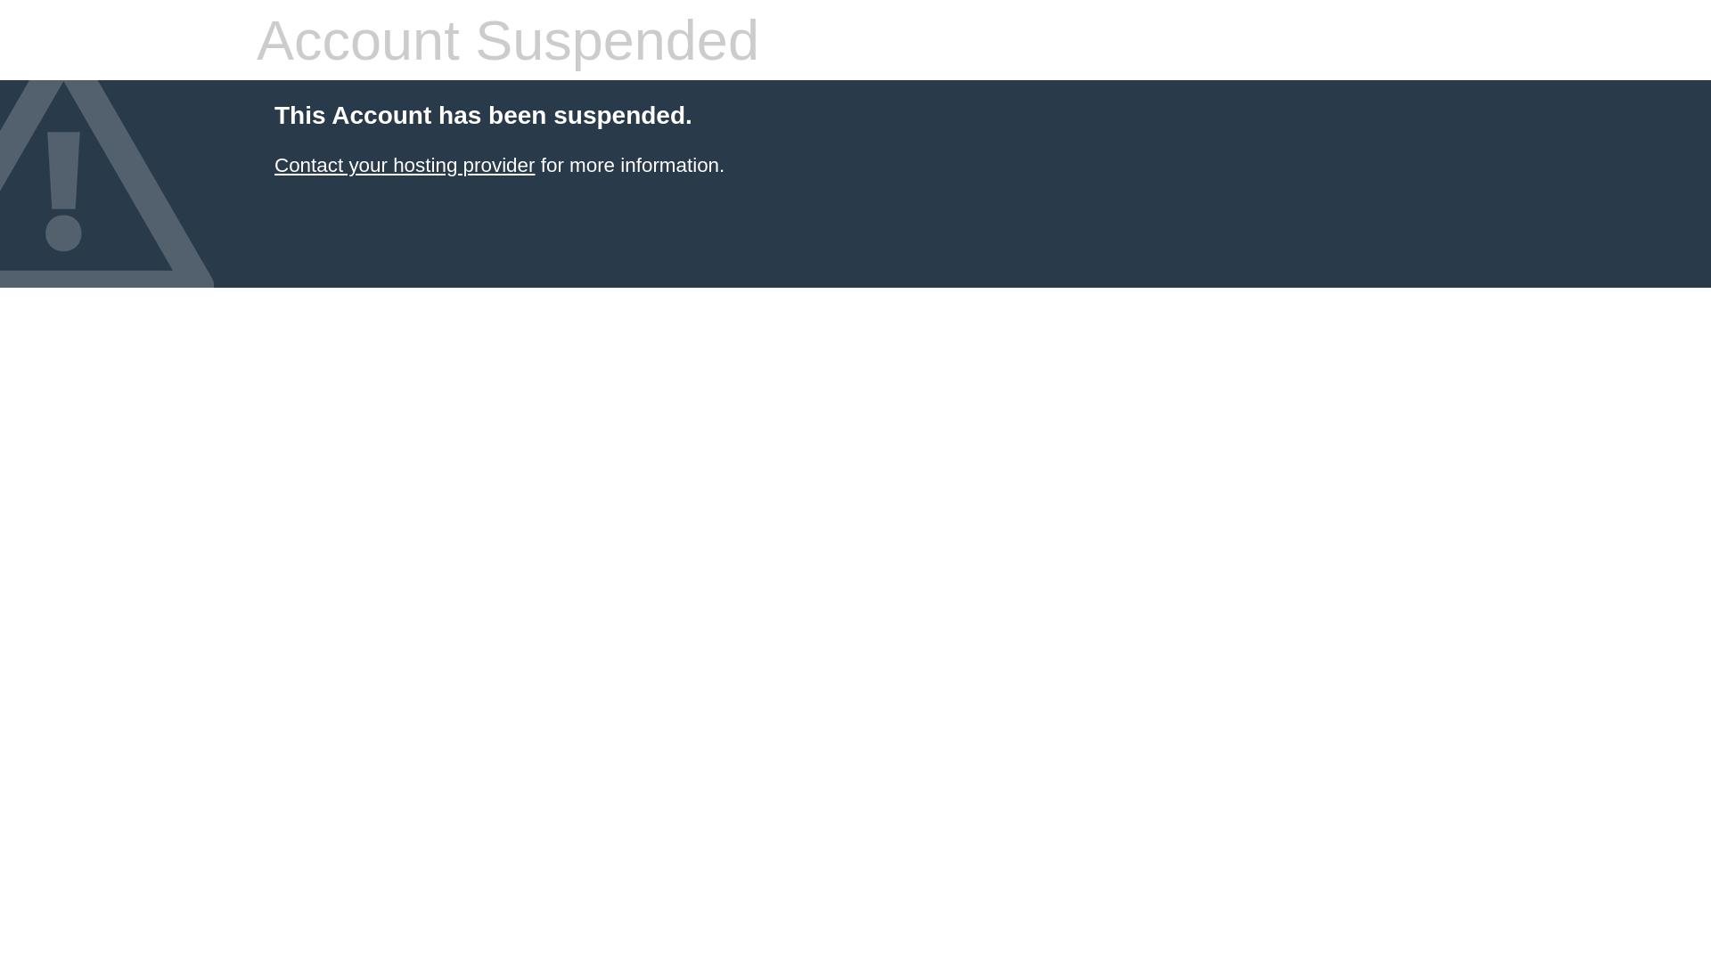 The image size is (1711, 962). Describe the element at coordinates (404, 165) in the screenshot. I see `'Contact your hosting provider'` at that location.